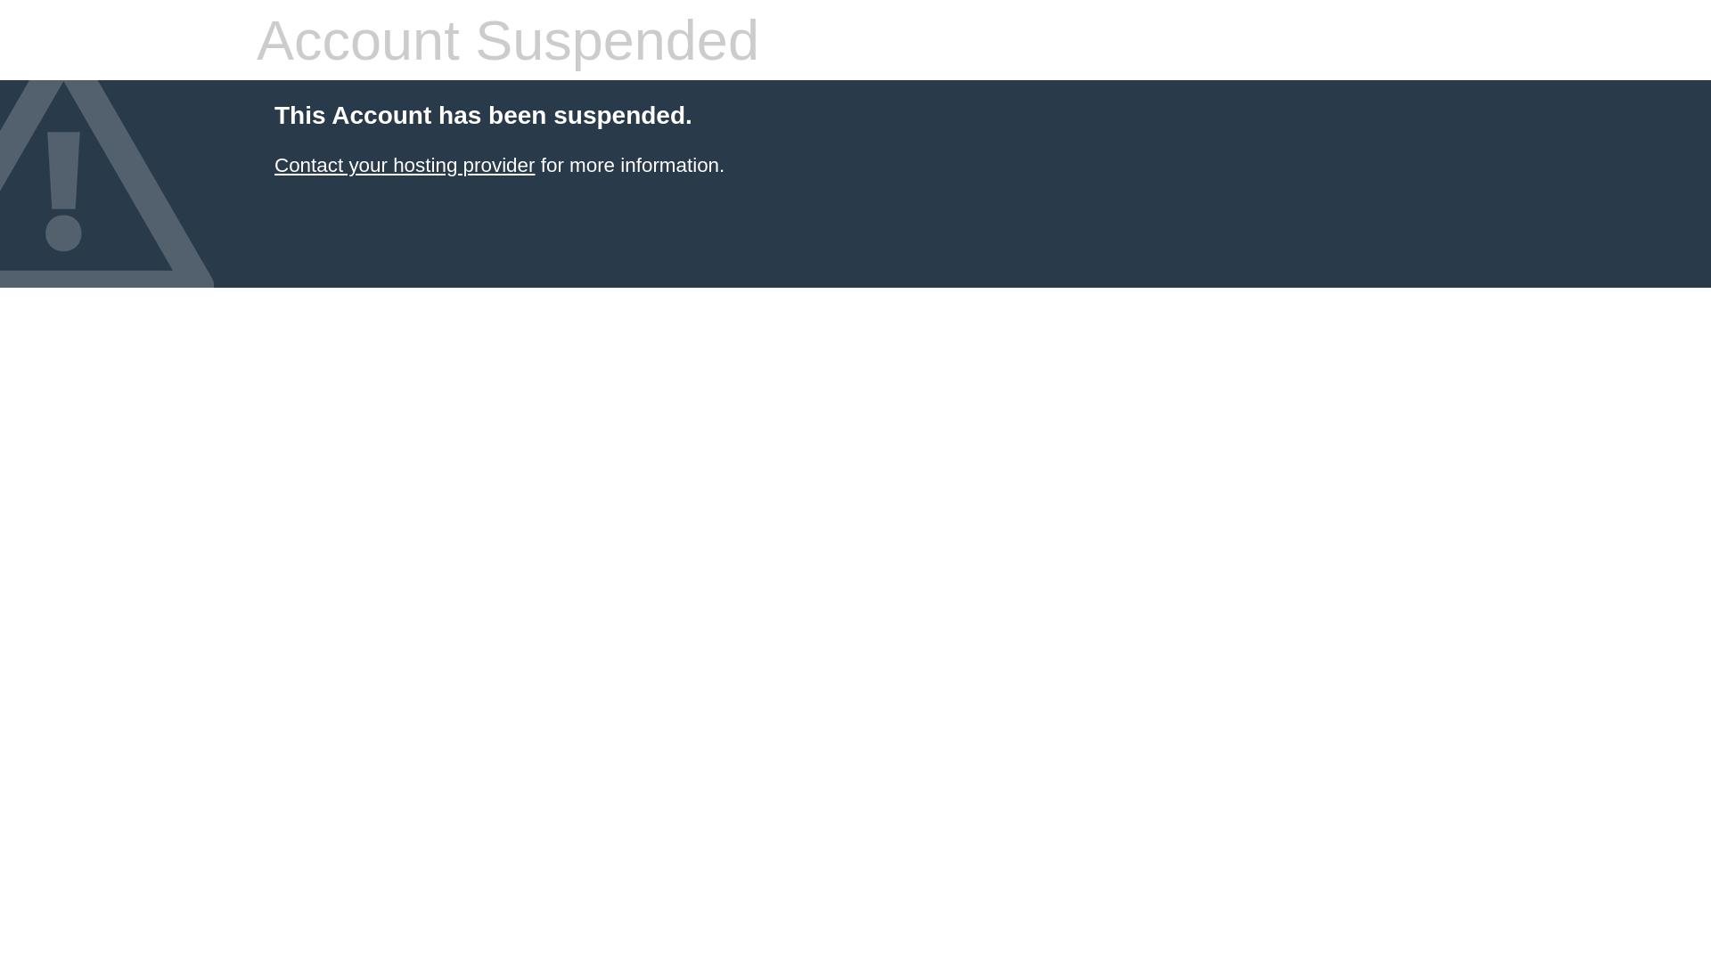 The image size is (1711, 962). Describe the element at coordinates (404, 165) in the screenshot. I see `'Contact your hosting provider'` at that location.